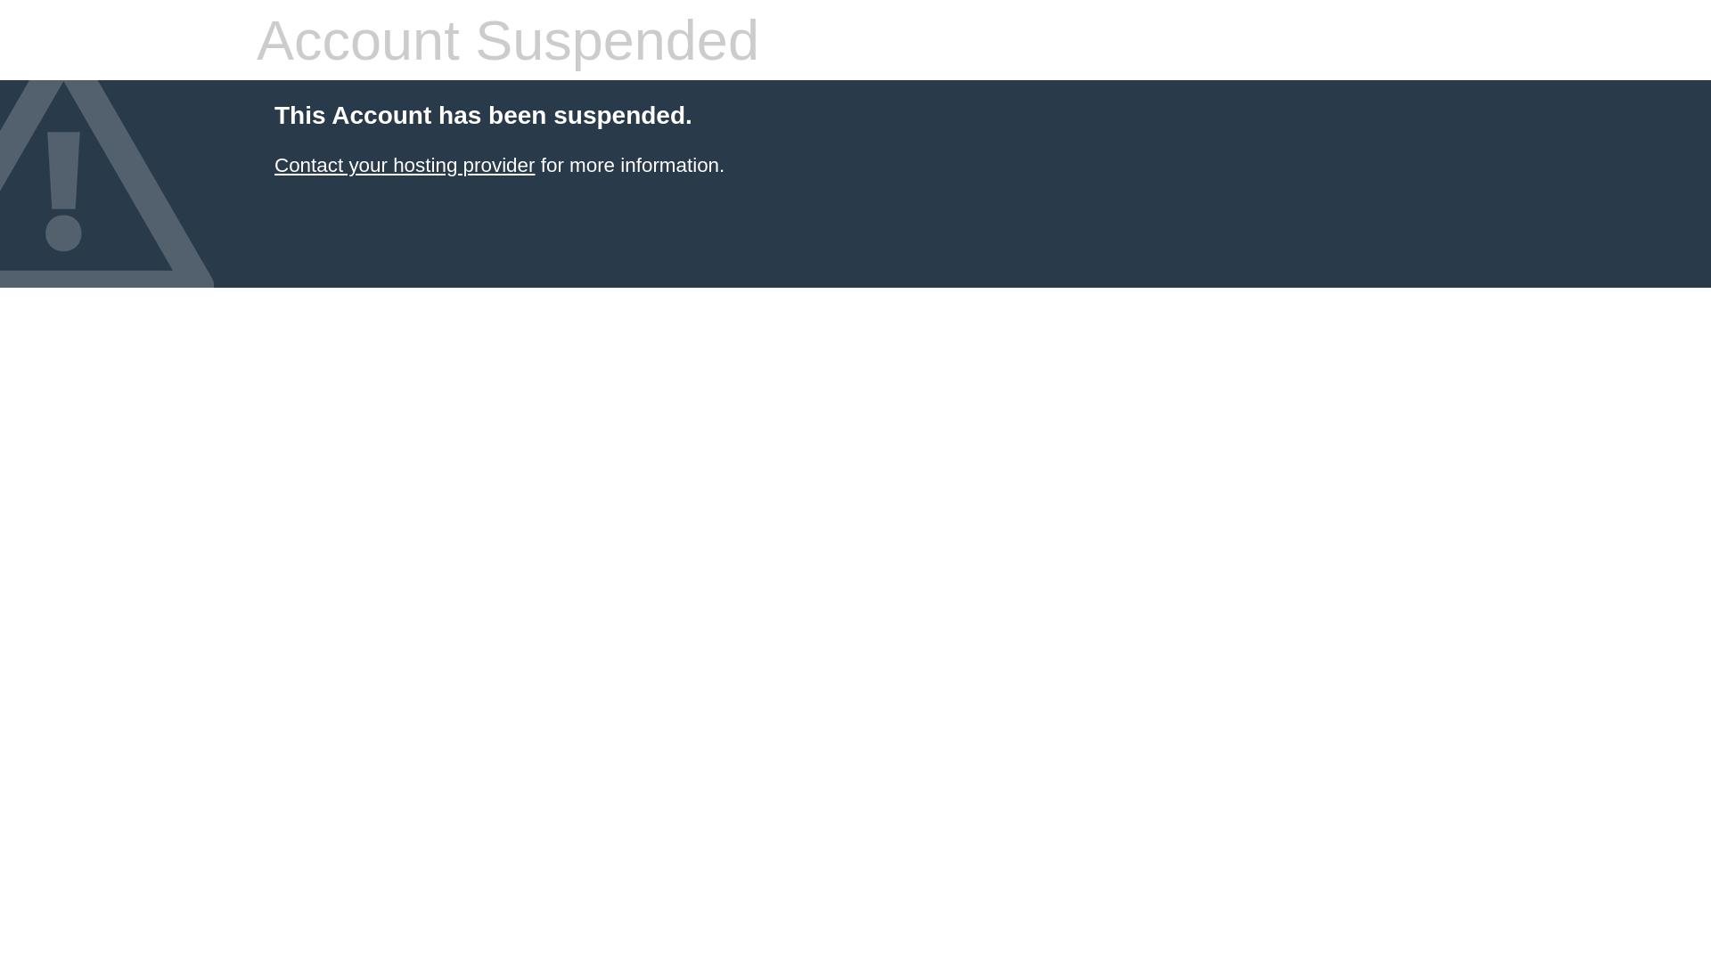 The image size is (1711, 962). Describe the element at coordinates (404, 165) in the screenshot. I see `'Contact your hosting provider'` at that location.